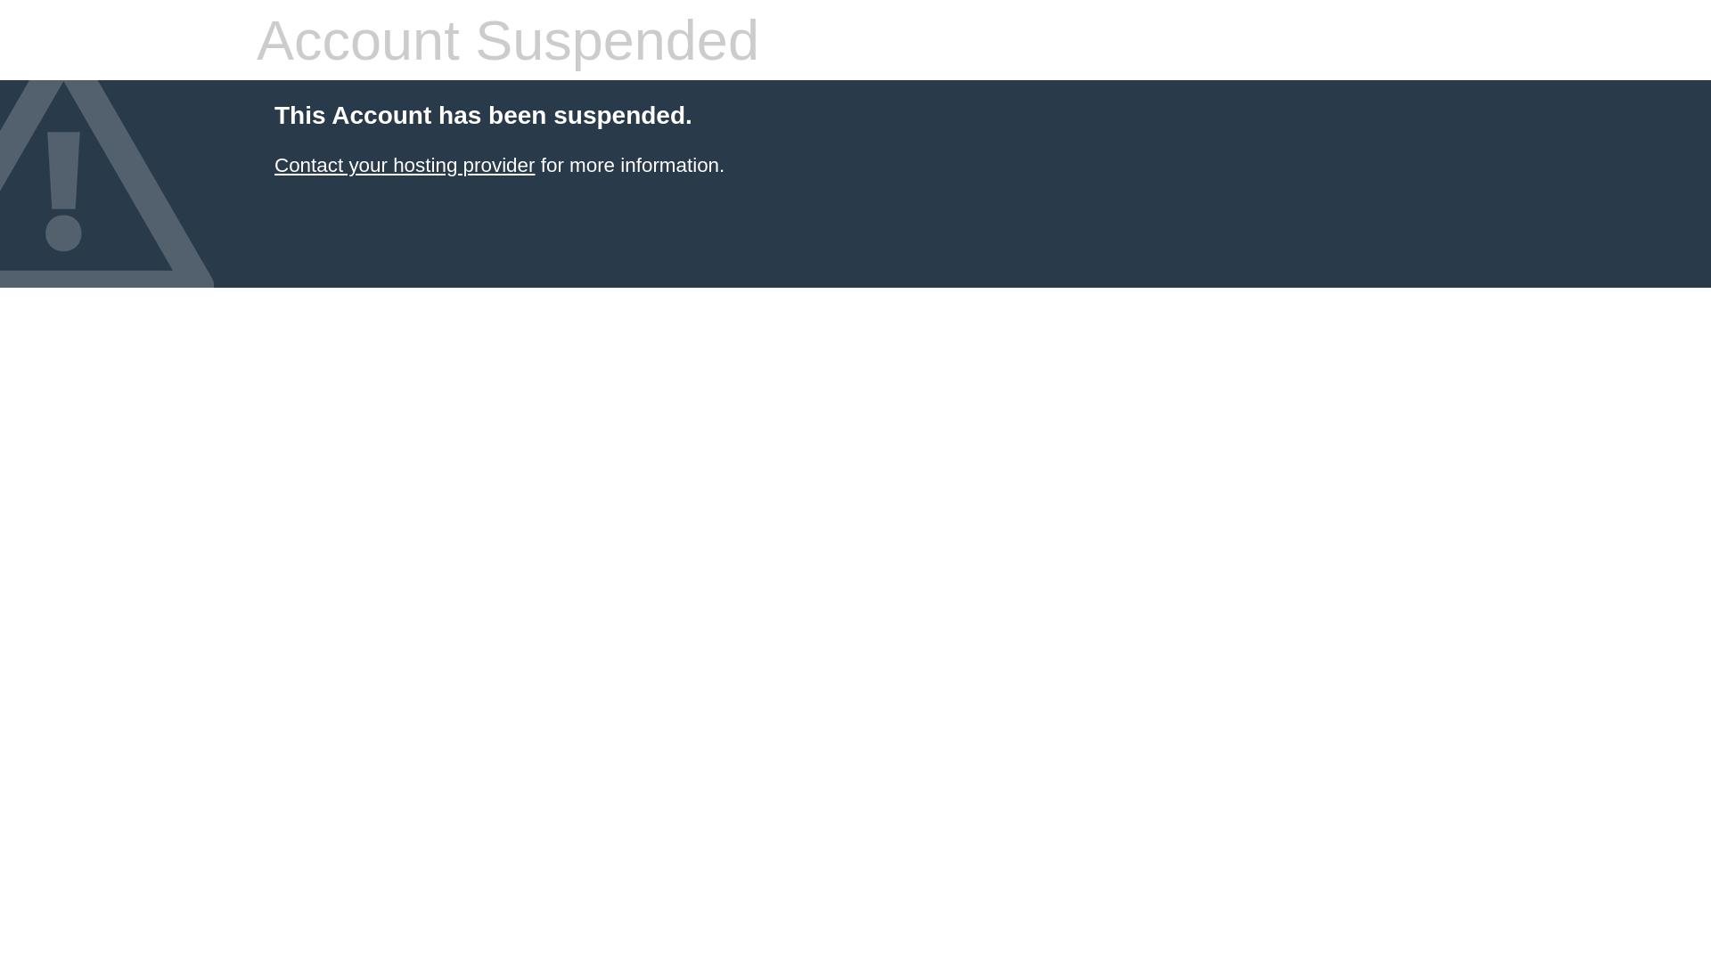 The image size is (1711, 962). Describe the element at coordinates (404, 165) in the screenshot. I see `'Contact your hosting provider'` at that location.